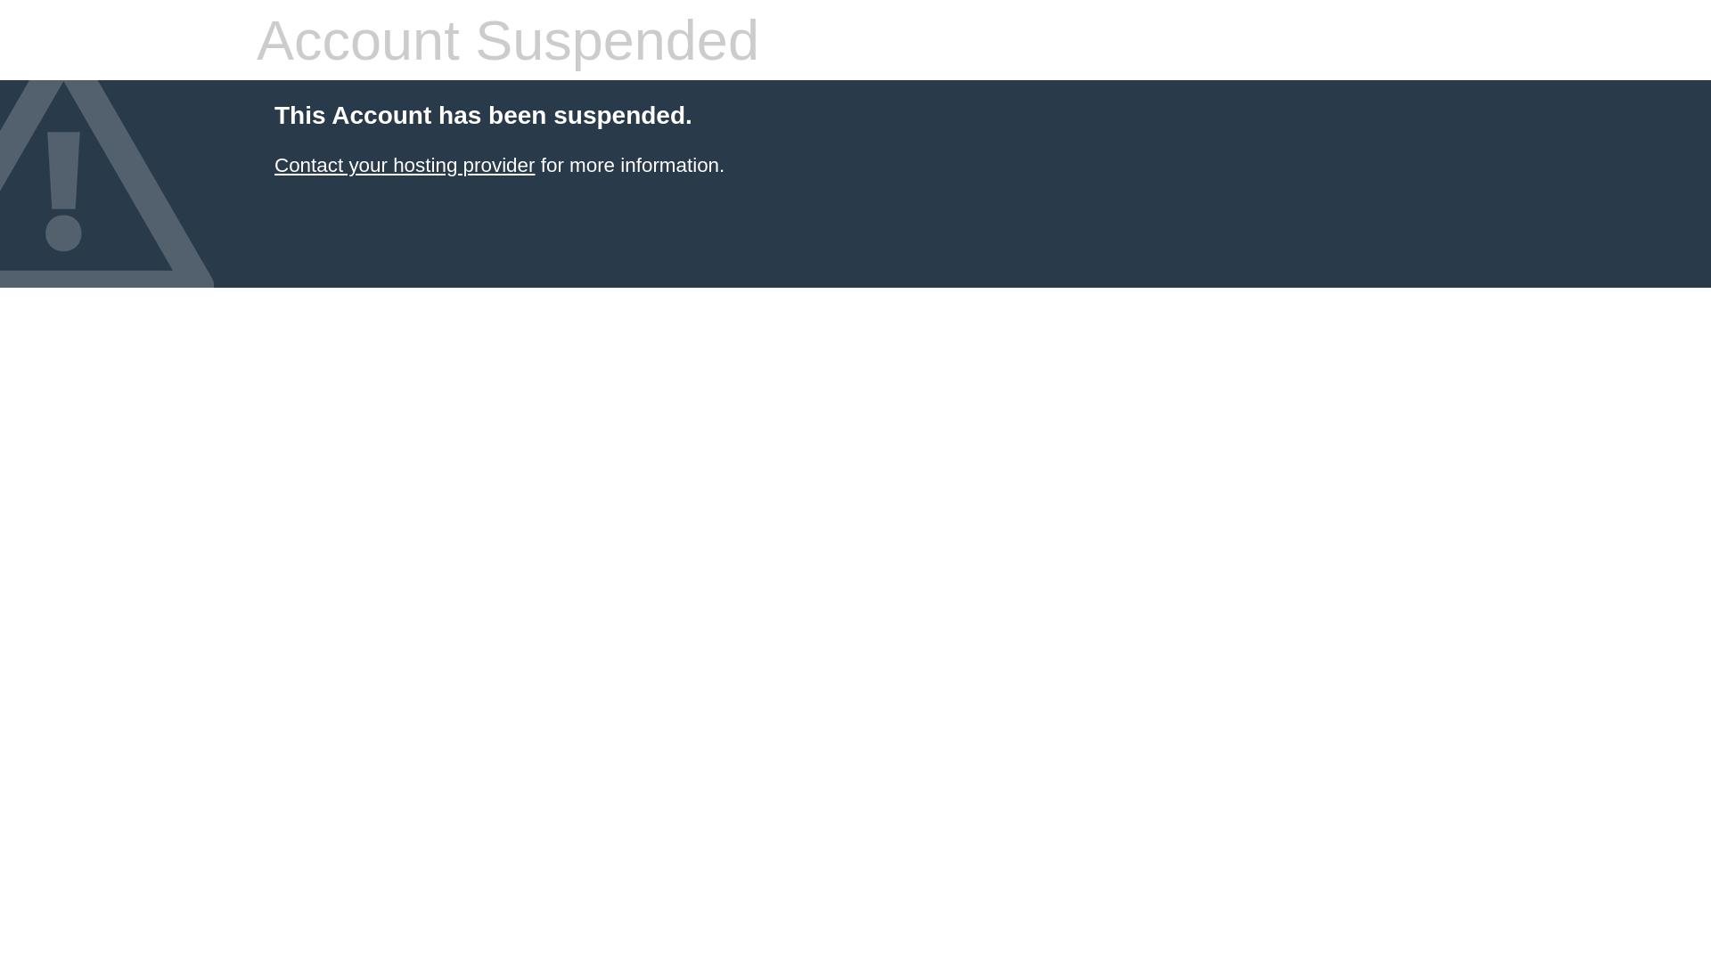 The image size is (1711, 962). Describe the element at coordinates (404, 165) in the screenshot. I see `'Contact your hosting provider'` at that location.